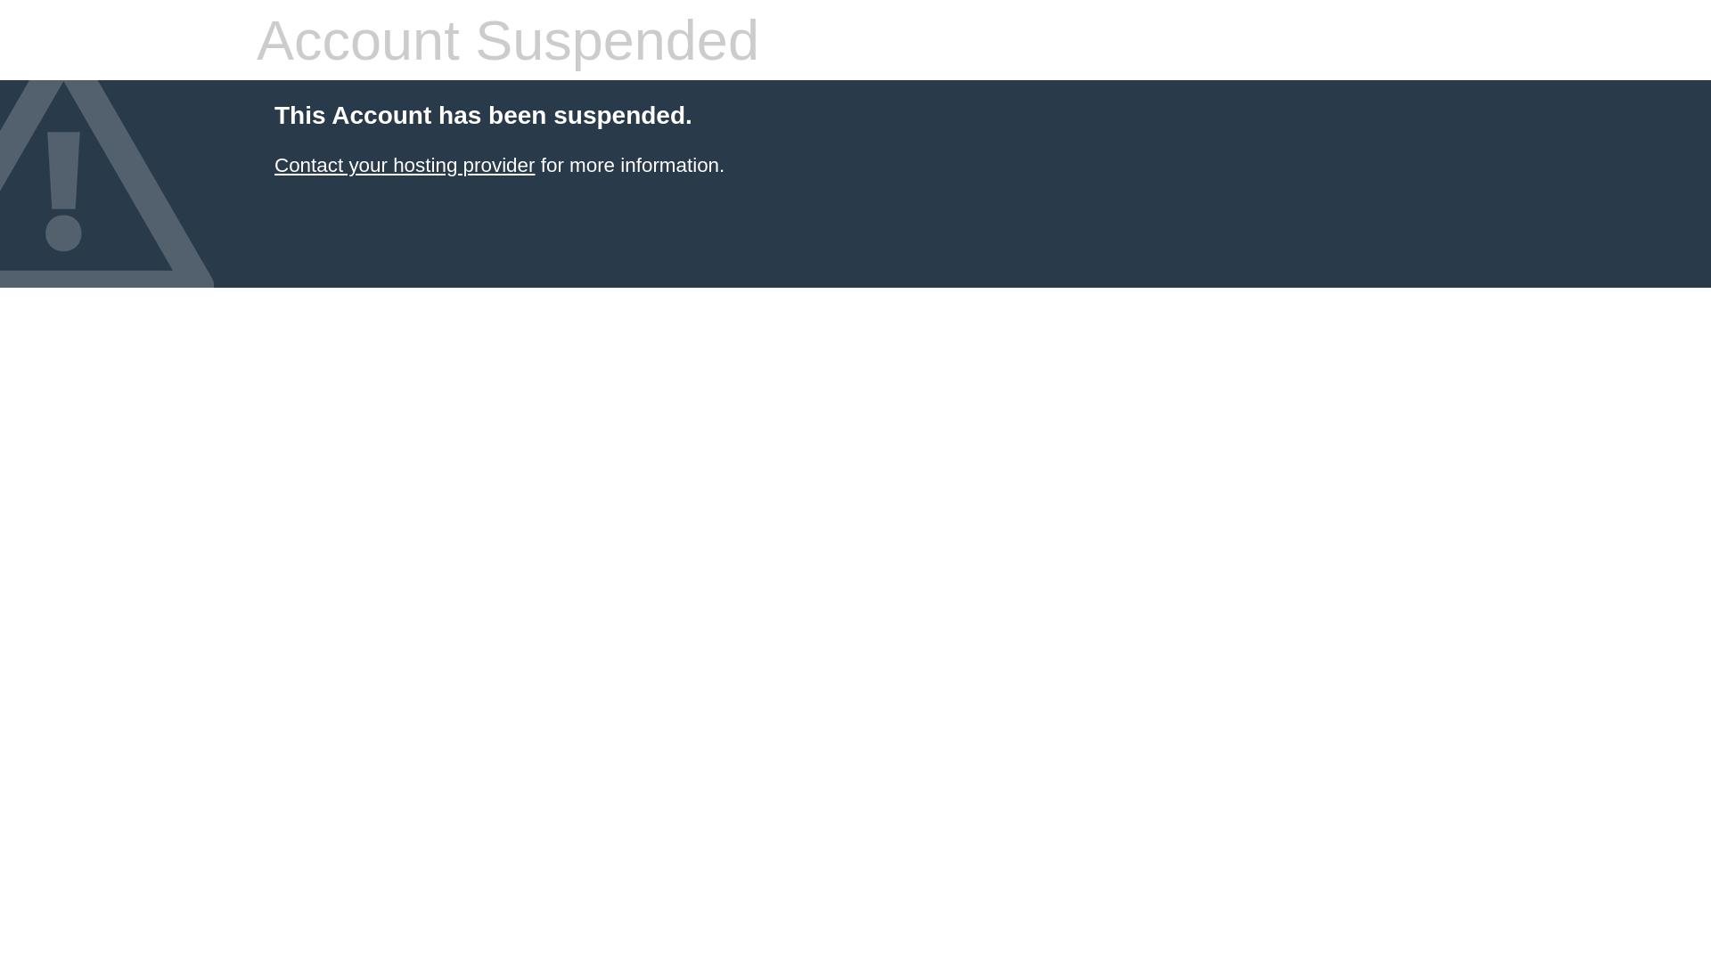 The image size is (1711, 962). Describe the element at coordinates (404, 165) in the screenshot. I see `'Contact your hosting provider'` at that location.